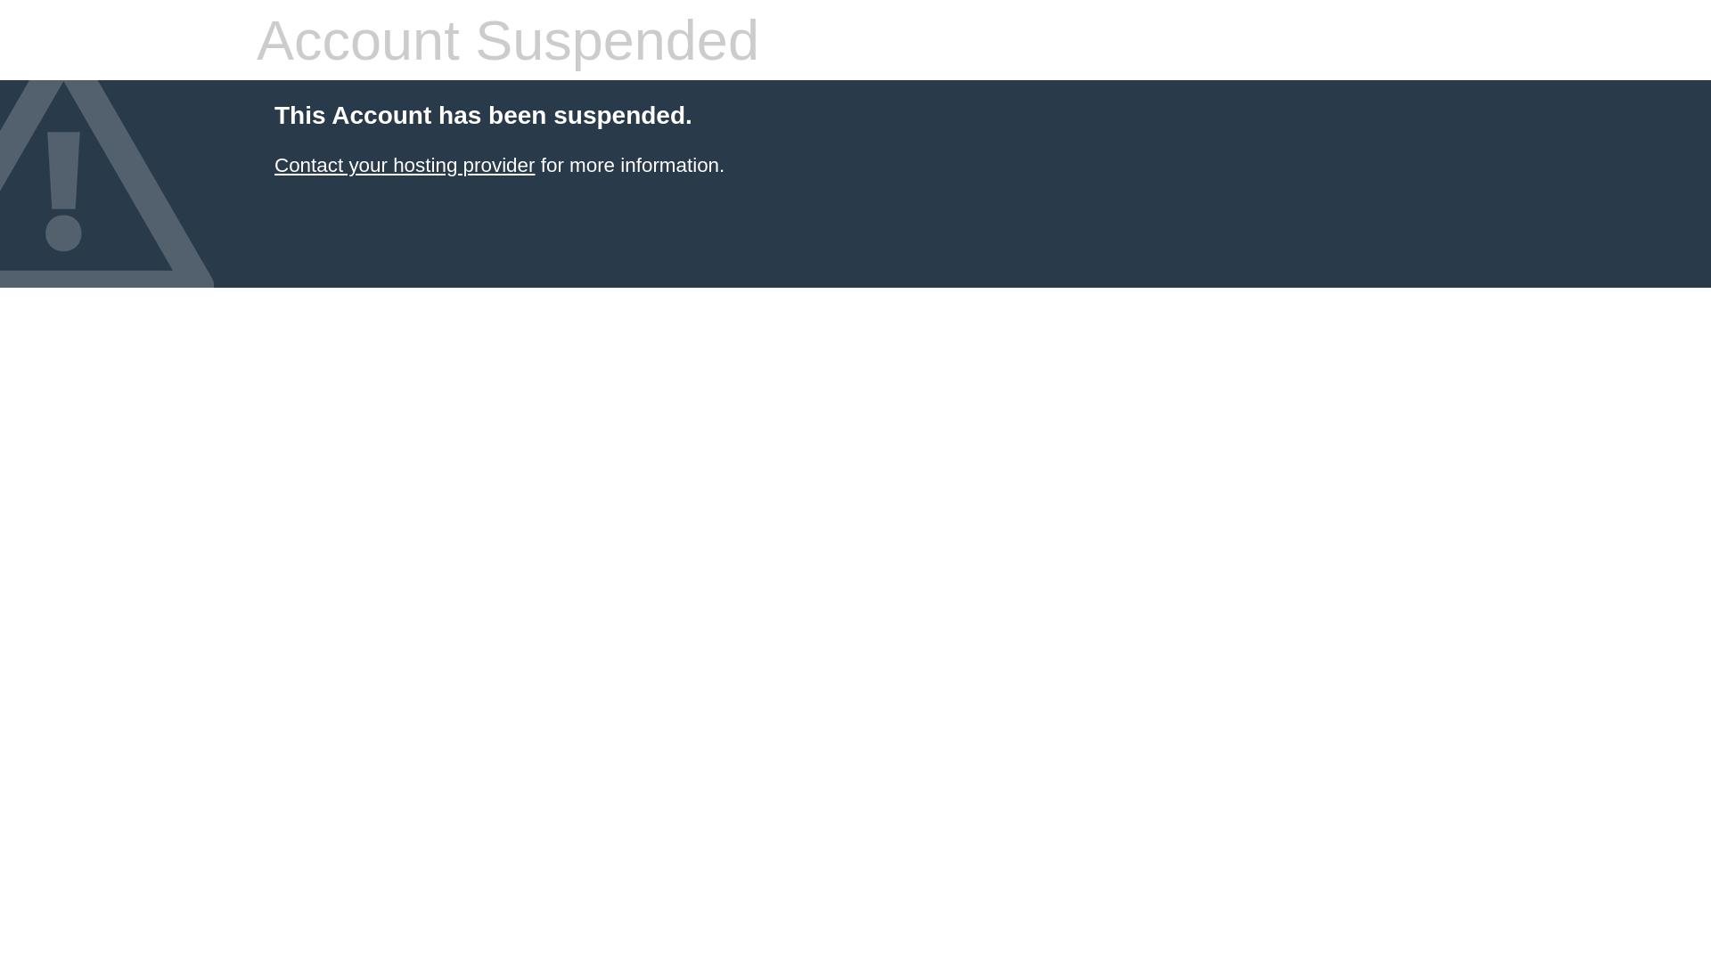 The image size is (1711, 962). Describe the element at coordinates (404, 165) in the screenshot. I see `'Contact your hosting provider'` at that location.